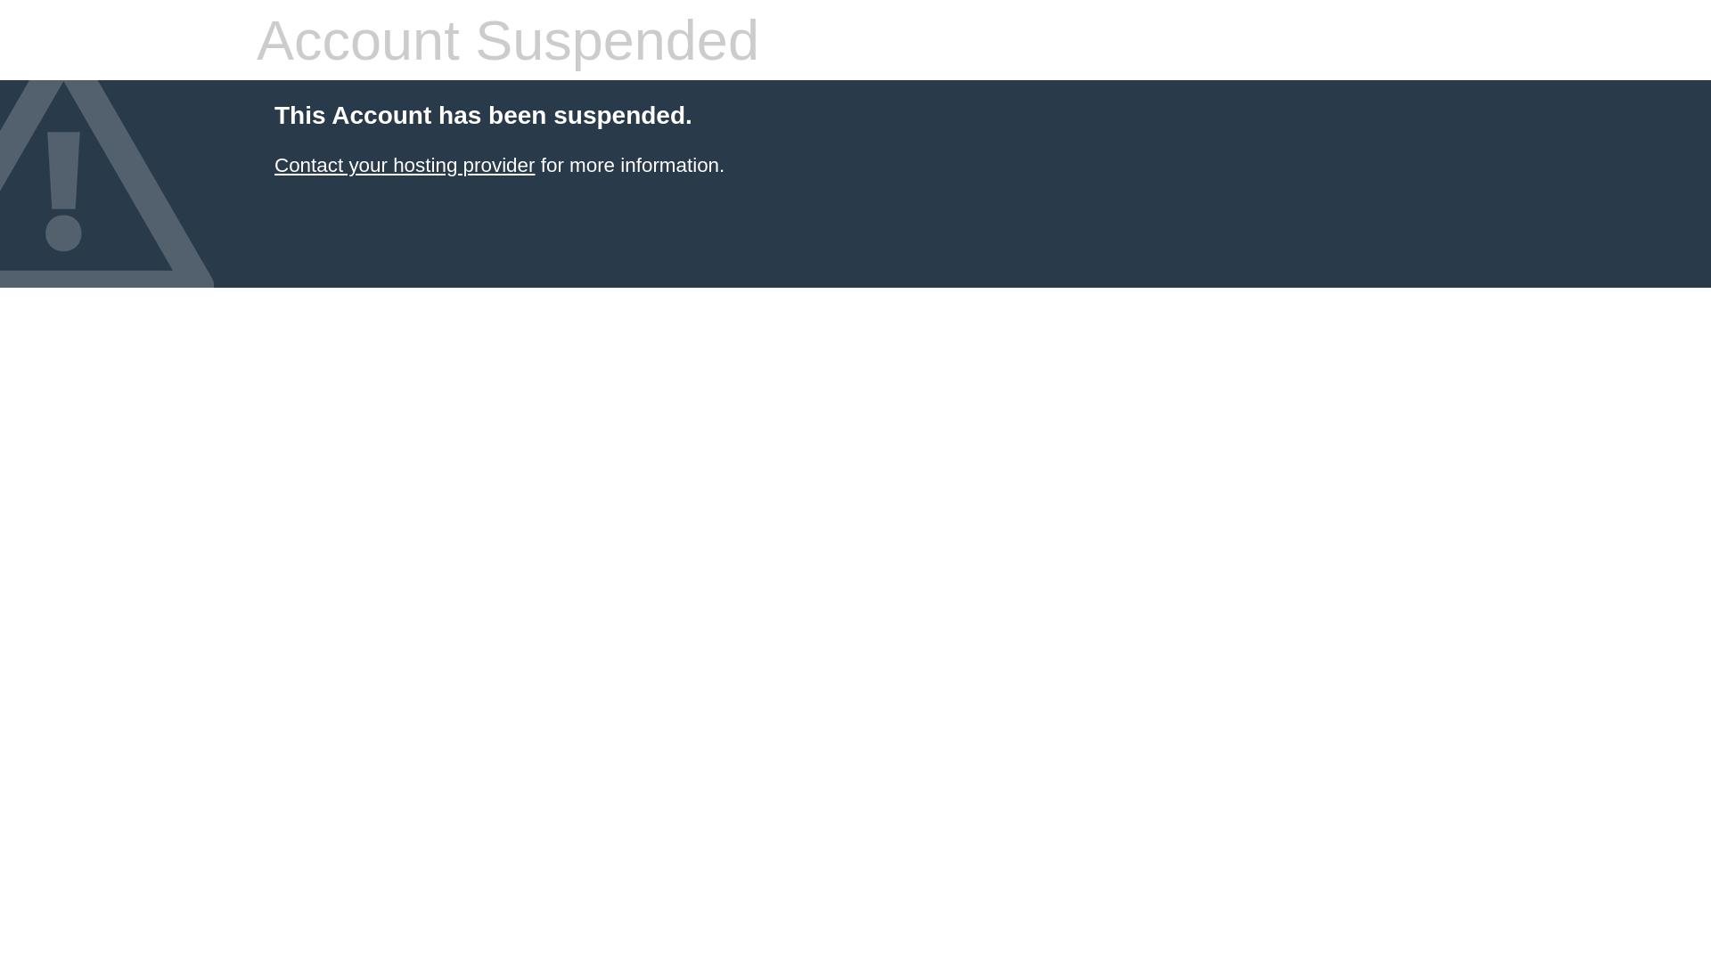 The image size is (1711, 962). Describe the element at coordinates (404, 165) in the screenshot. I see `'Contact your hosting provider'` at that location.